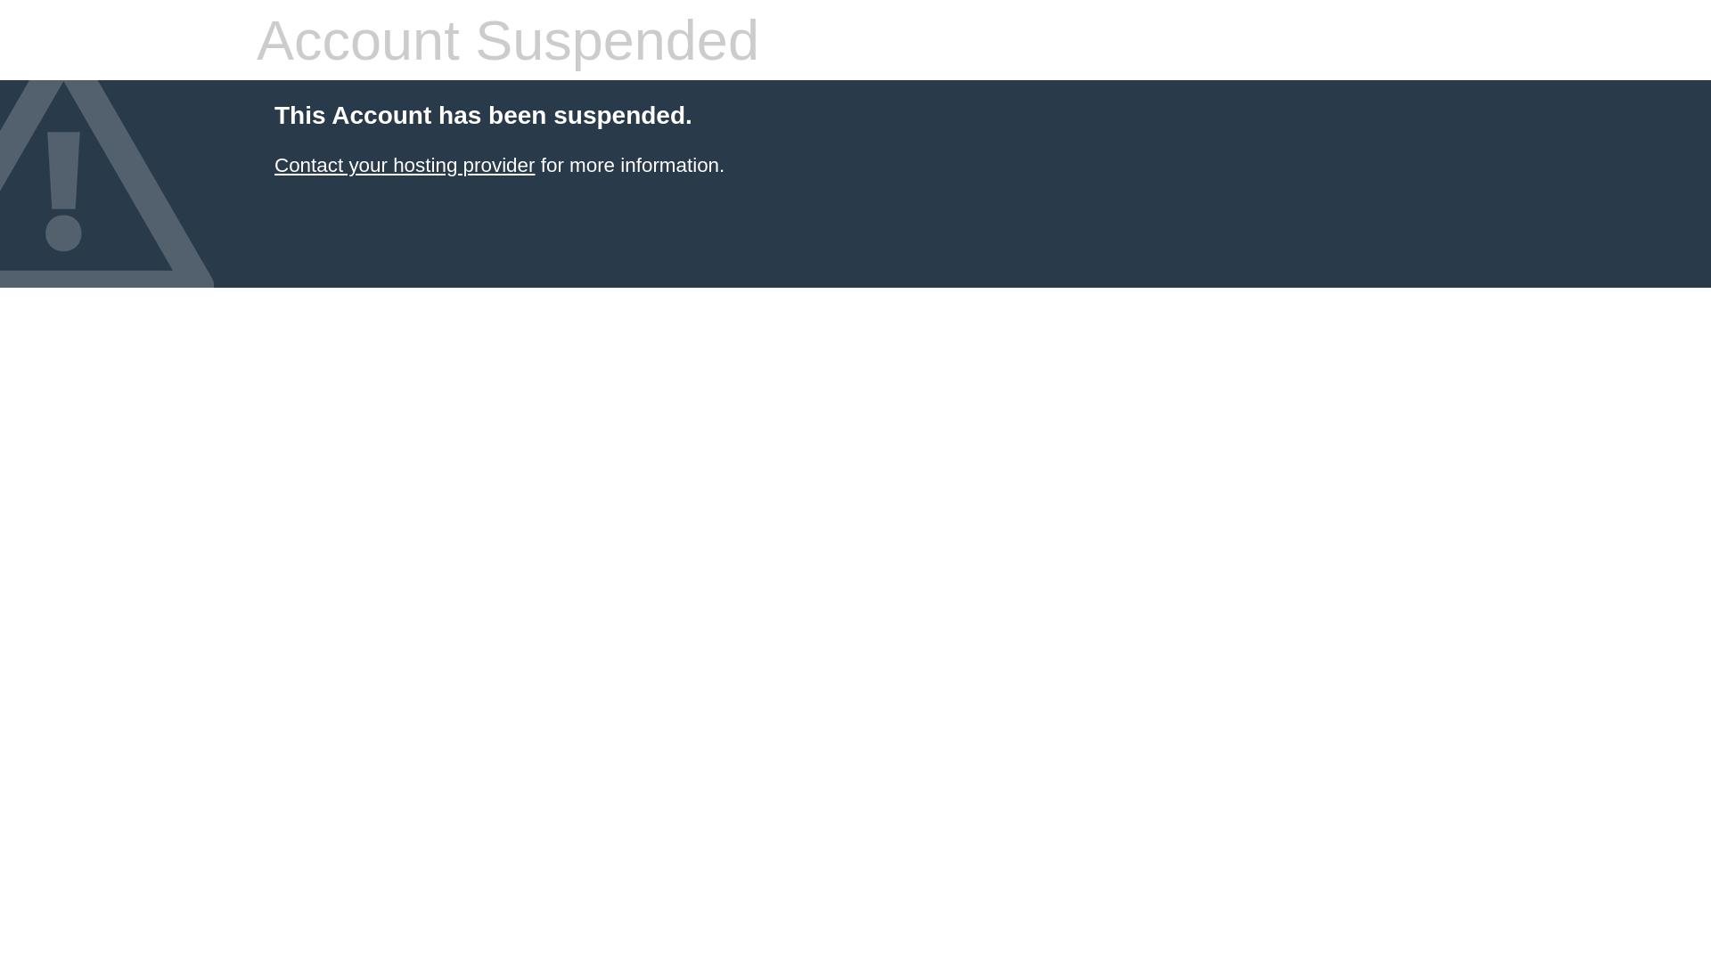 The image size is (1711, 962). Describe the element at coordinates (404, 165) in the screenshot. I see `'Contact your hosting provider'` at that location.